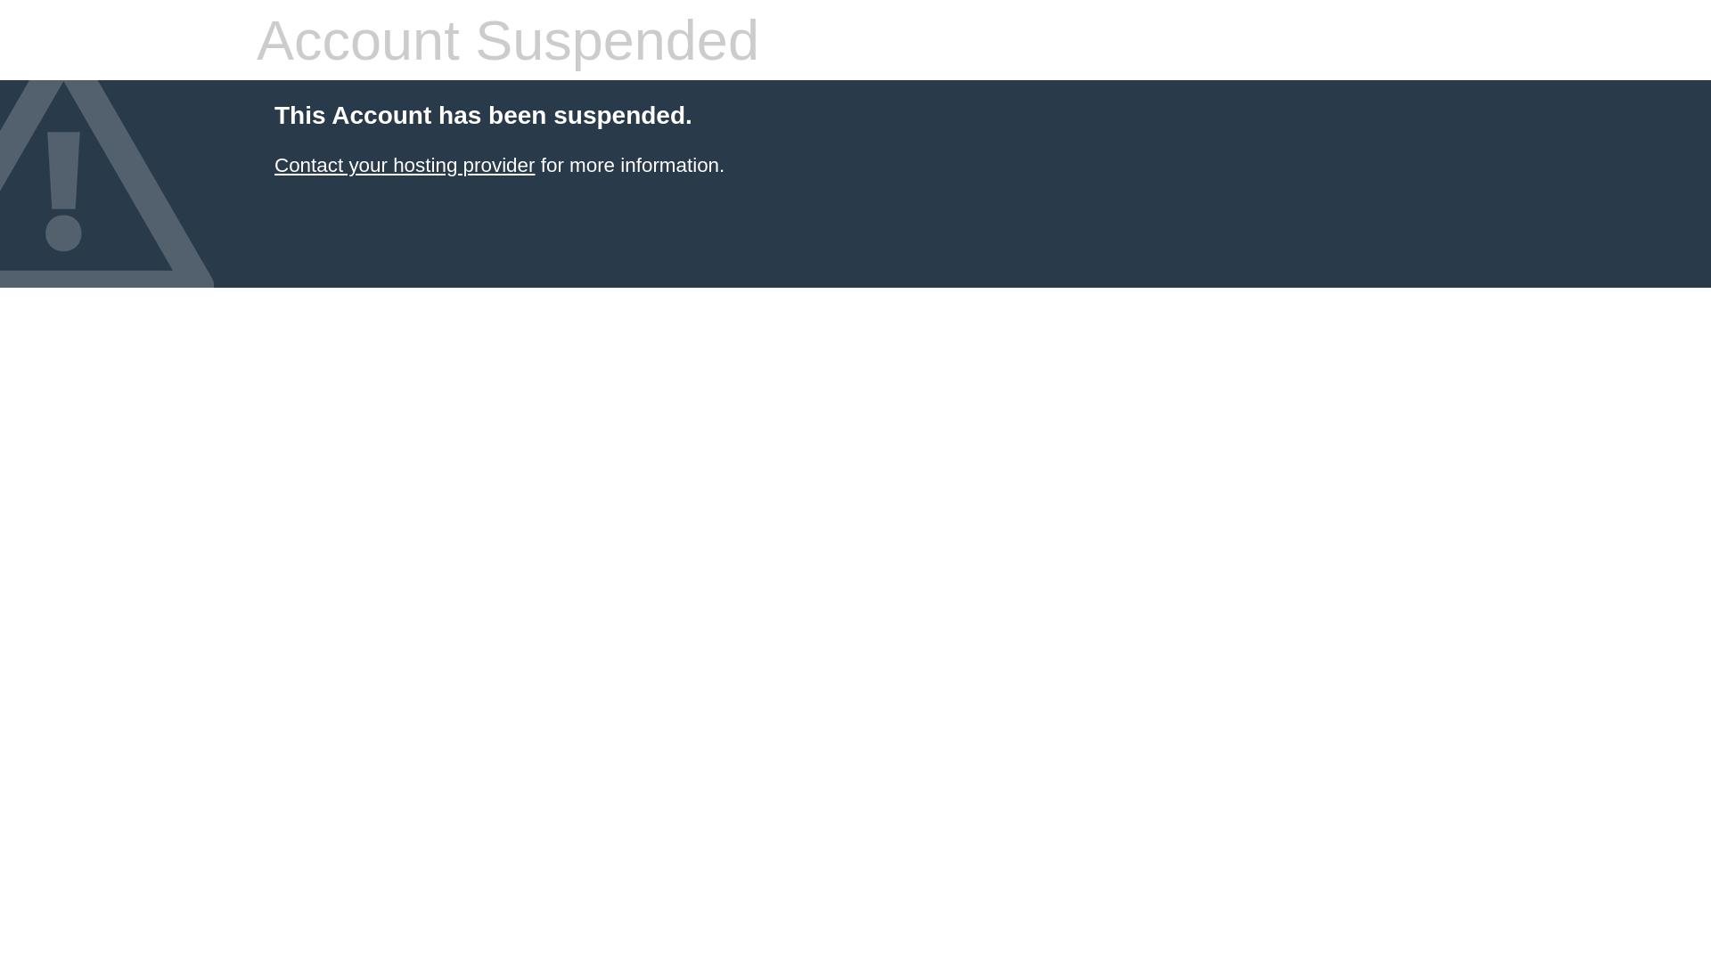 The image size is (1711, 962). Describe the element at coordinates (404, 165) in the screenshot. I see `'Contact your hosting provider'` at that location.